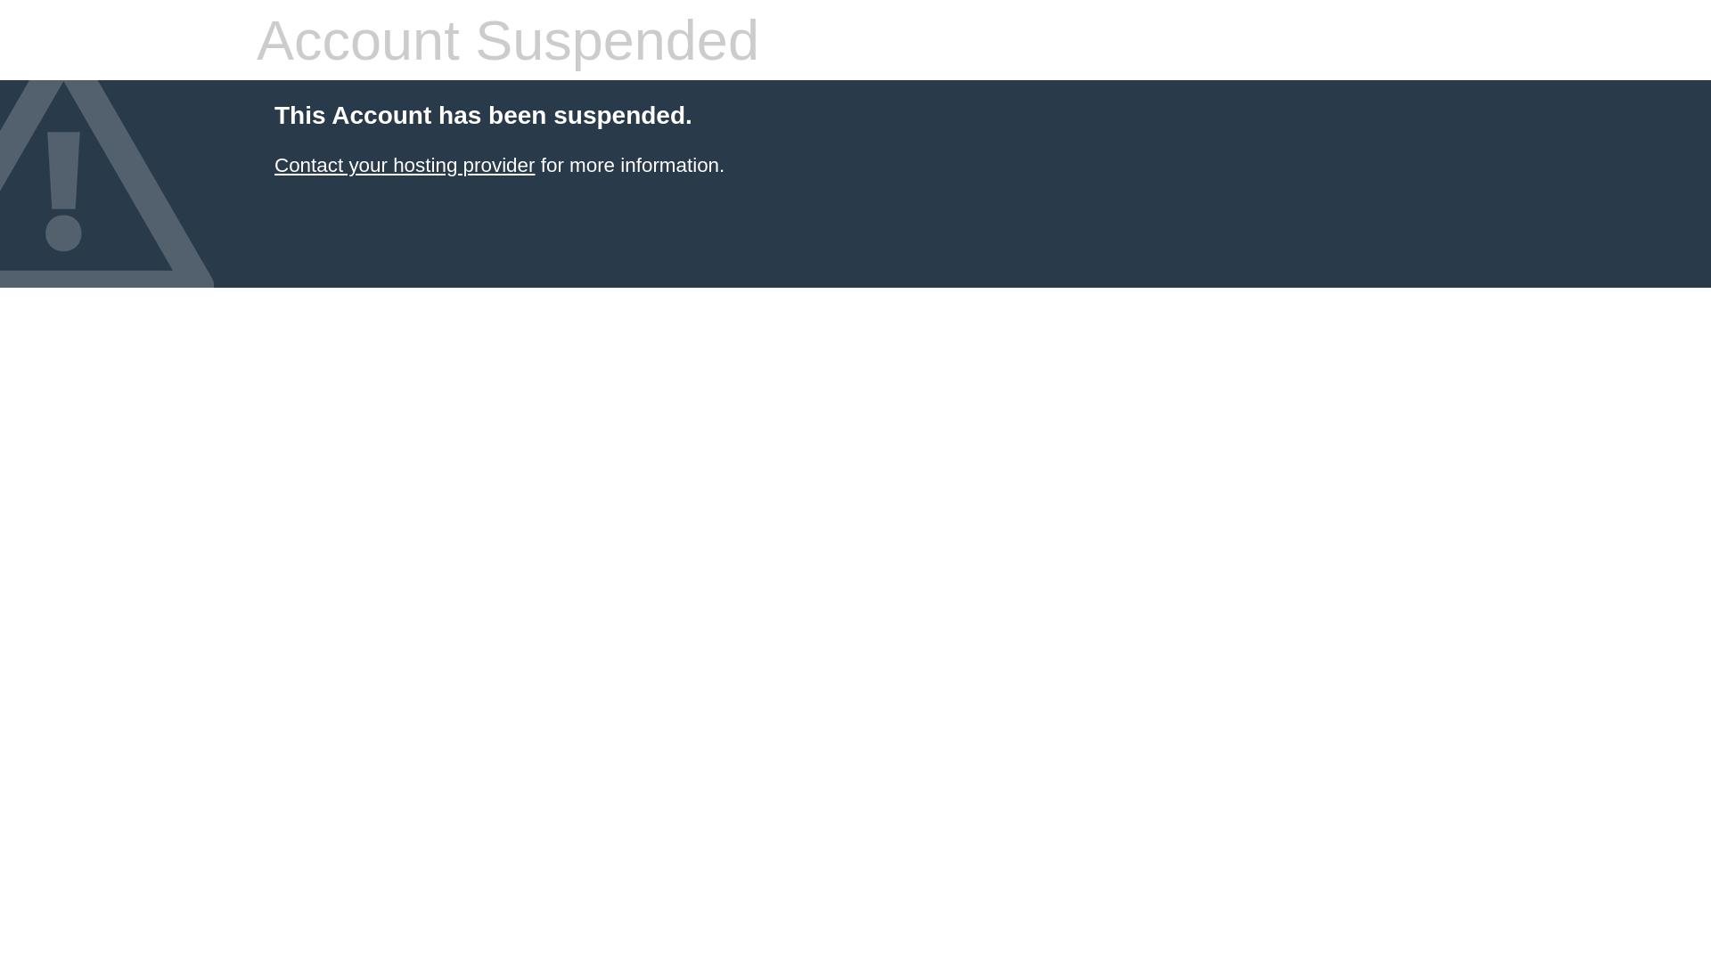 The image size is (1711, 962). Describe the element at coordinates (404, 165) in the screenshot. I see `'Contact your hosting provider'` at that location.